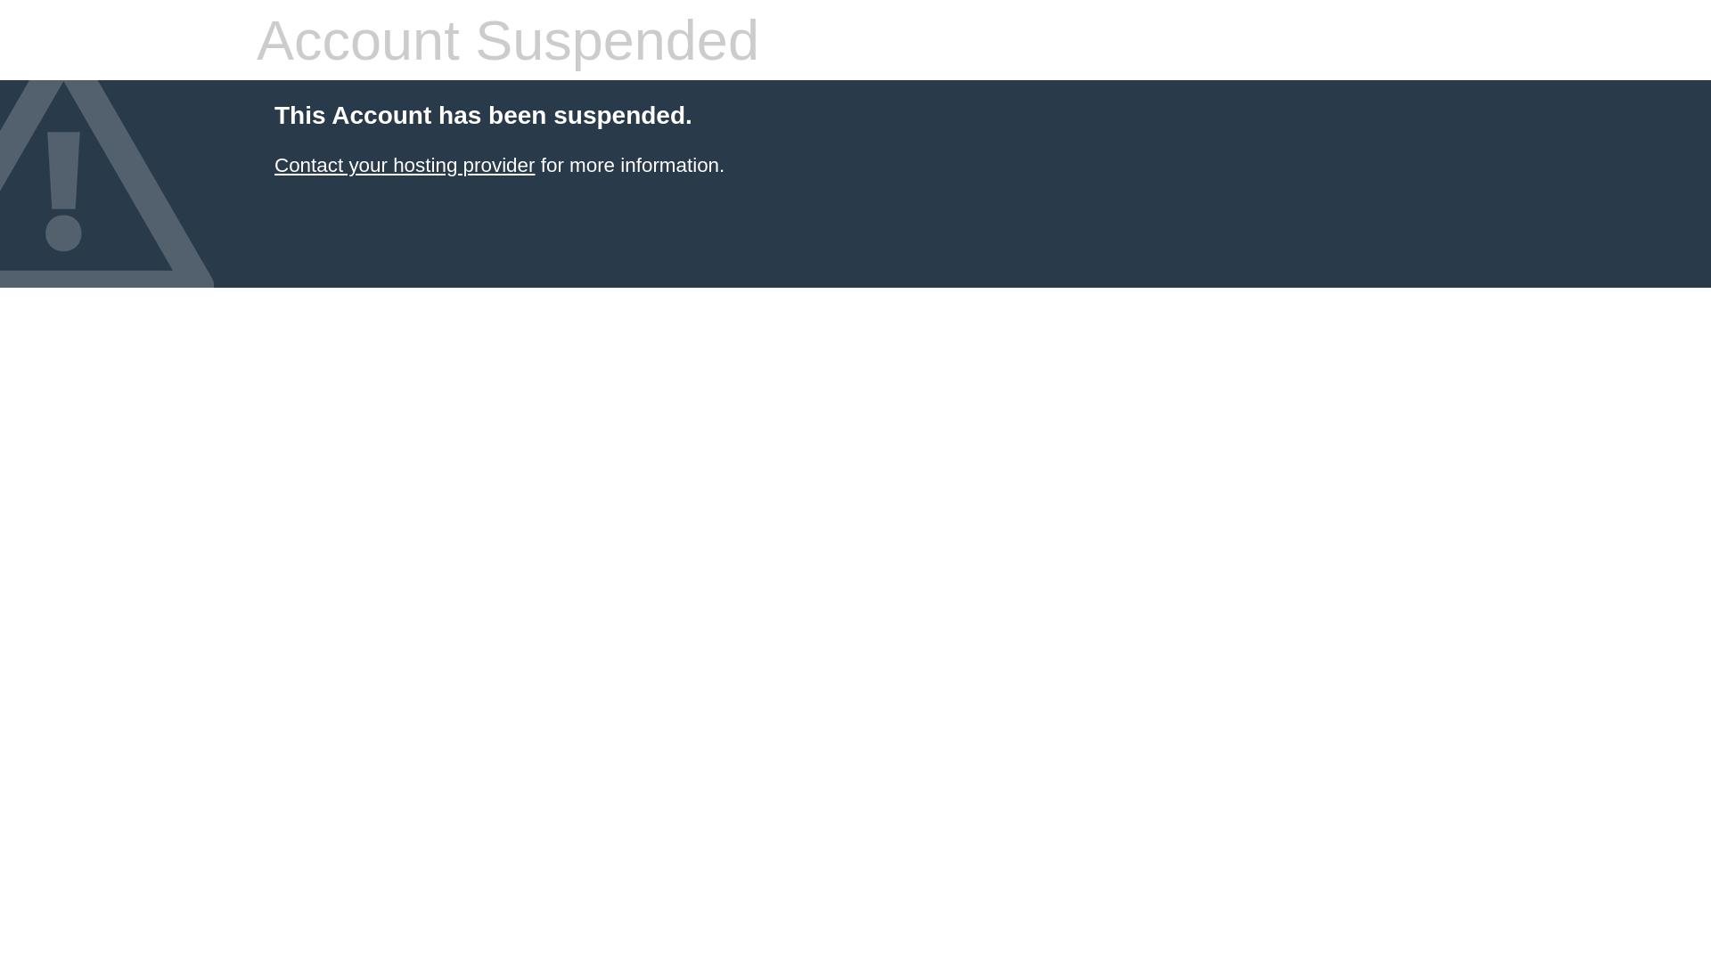 The image size is (1711, 962). Describe the element at coordinates (404, 165) in the screenshot. I see `'Contact your hosting provider'` at that location.